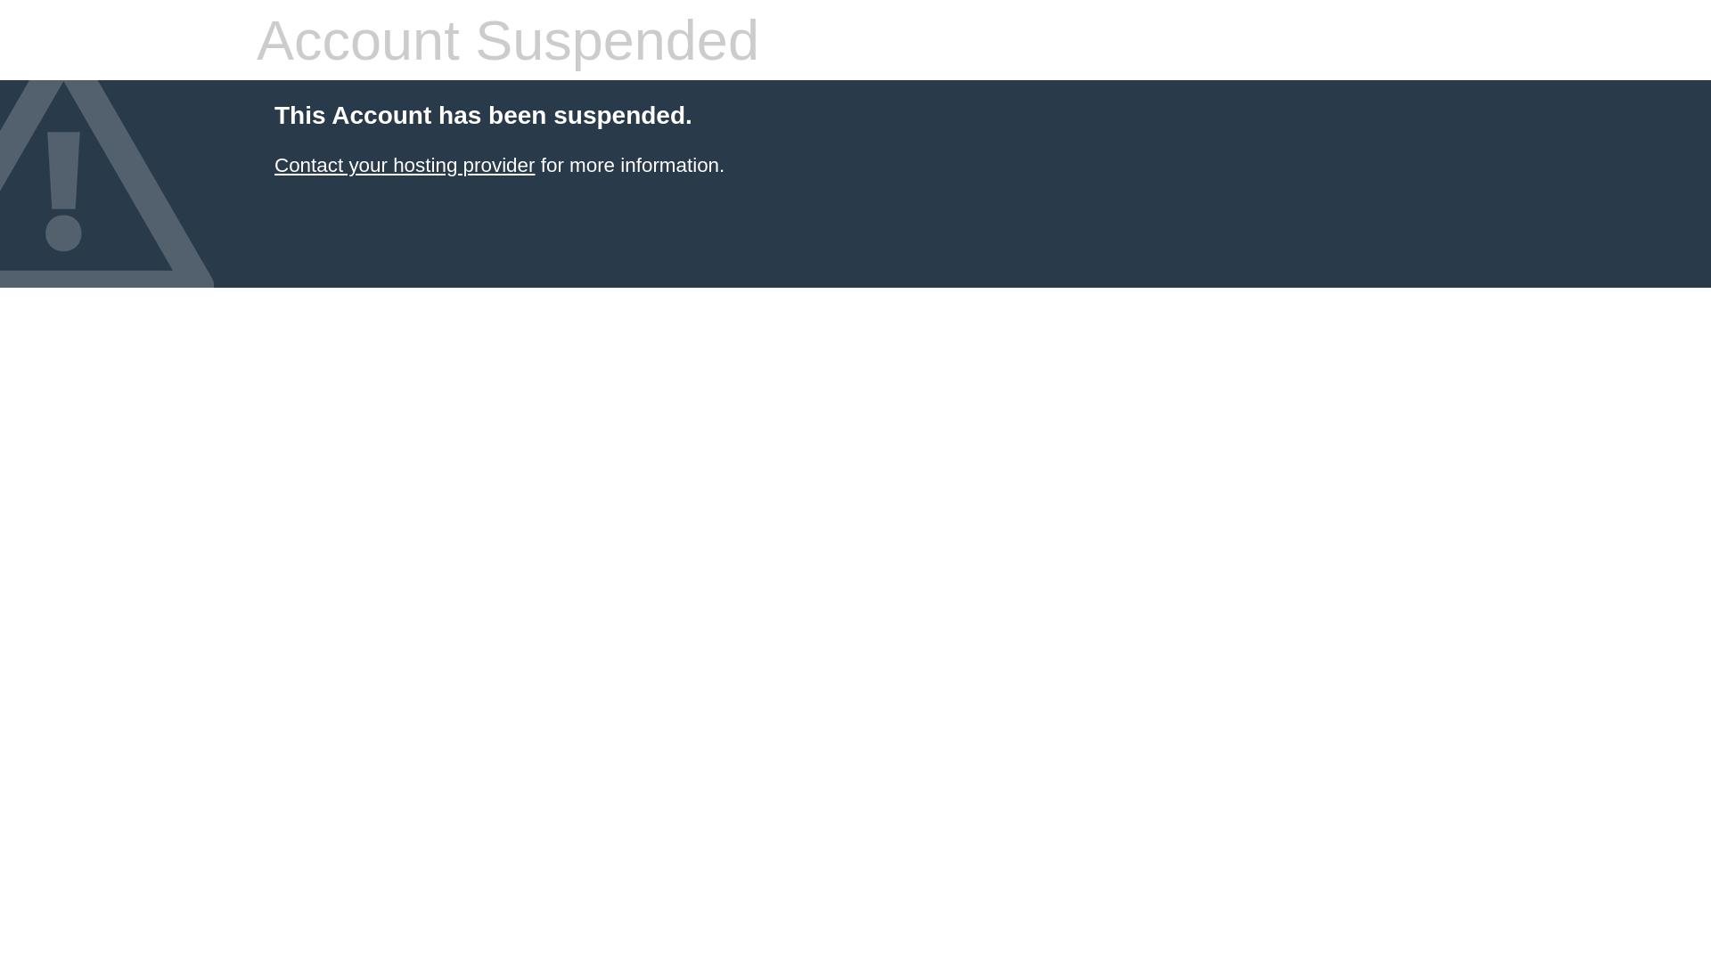 The image size is (1711, 962). Describe the element at coordinates (404, 165) in the screenshot. I see `'Contact your hosting provider'` at that location.